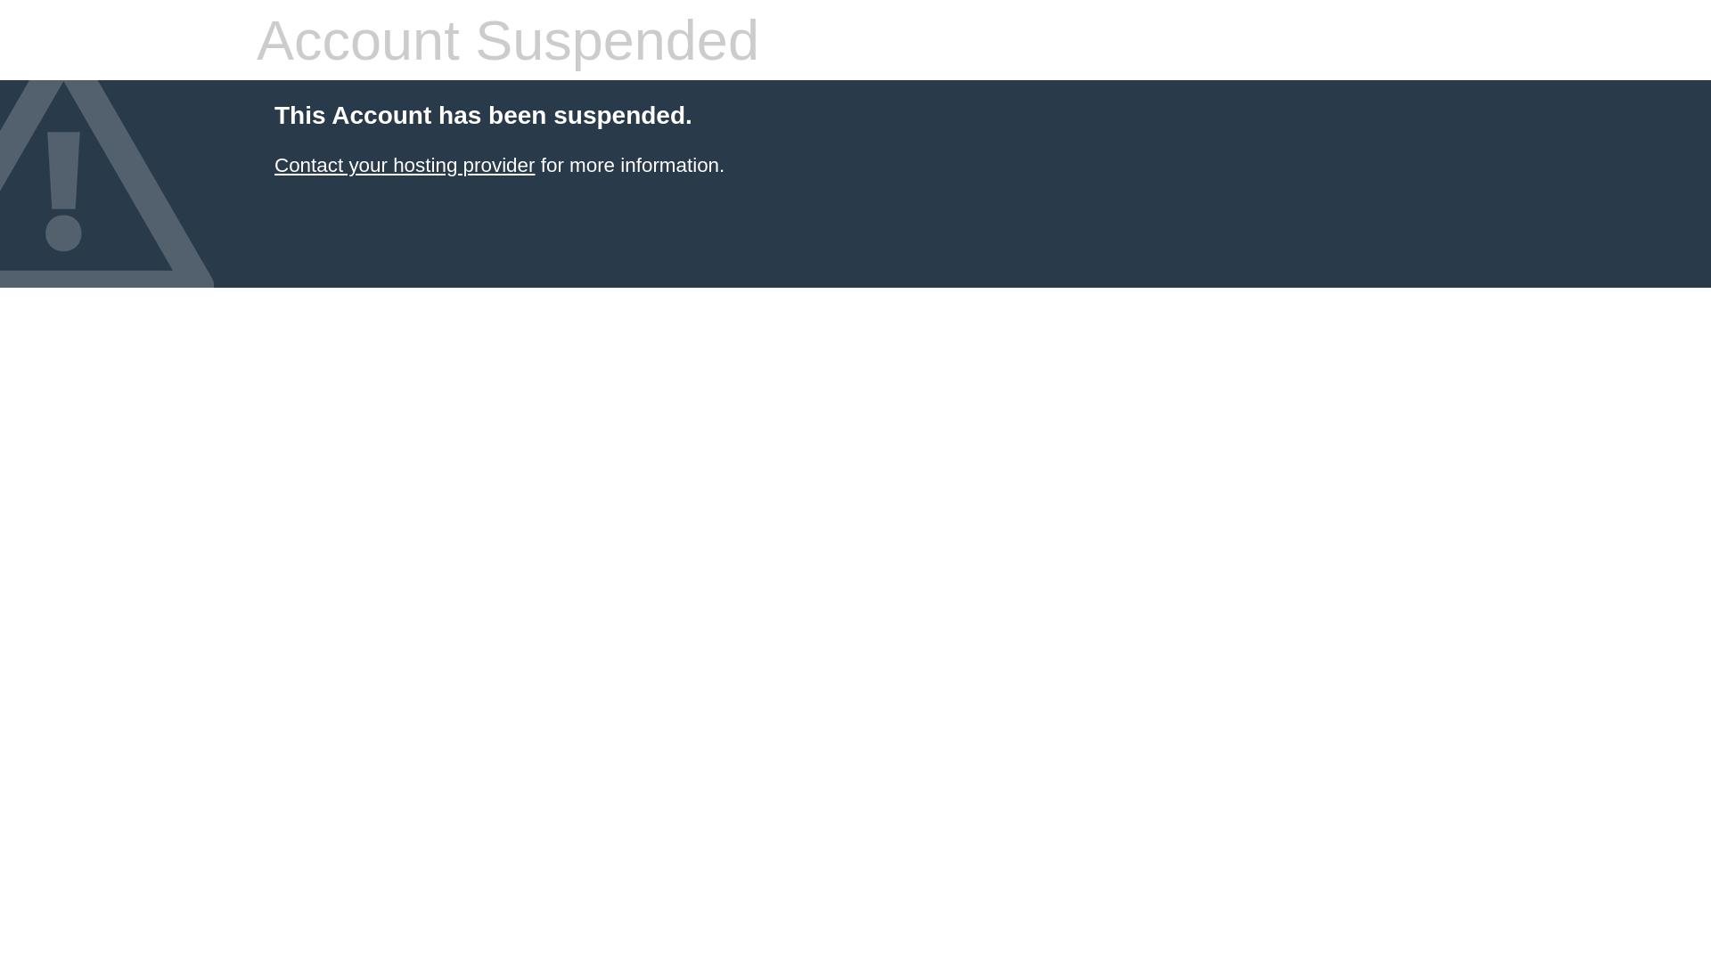 The image size is (1711, 962). Describe the element at coordinates (404, 165) in the screenshot. I see `'Contact your hosting provider'` at that location.